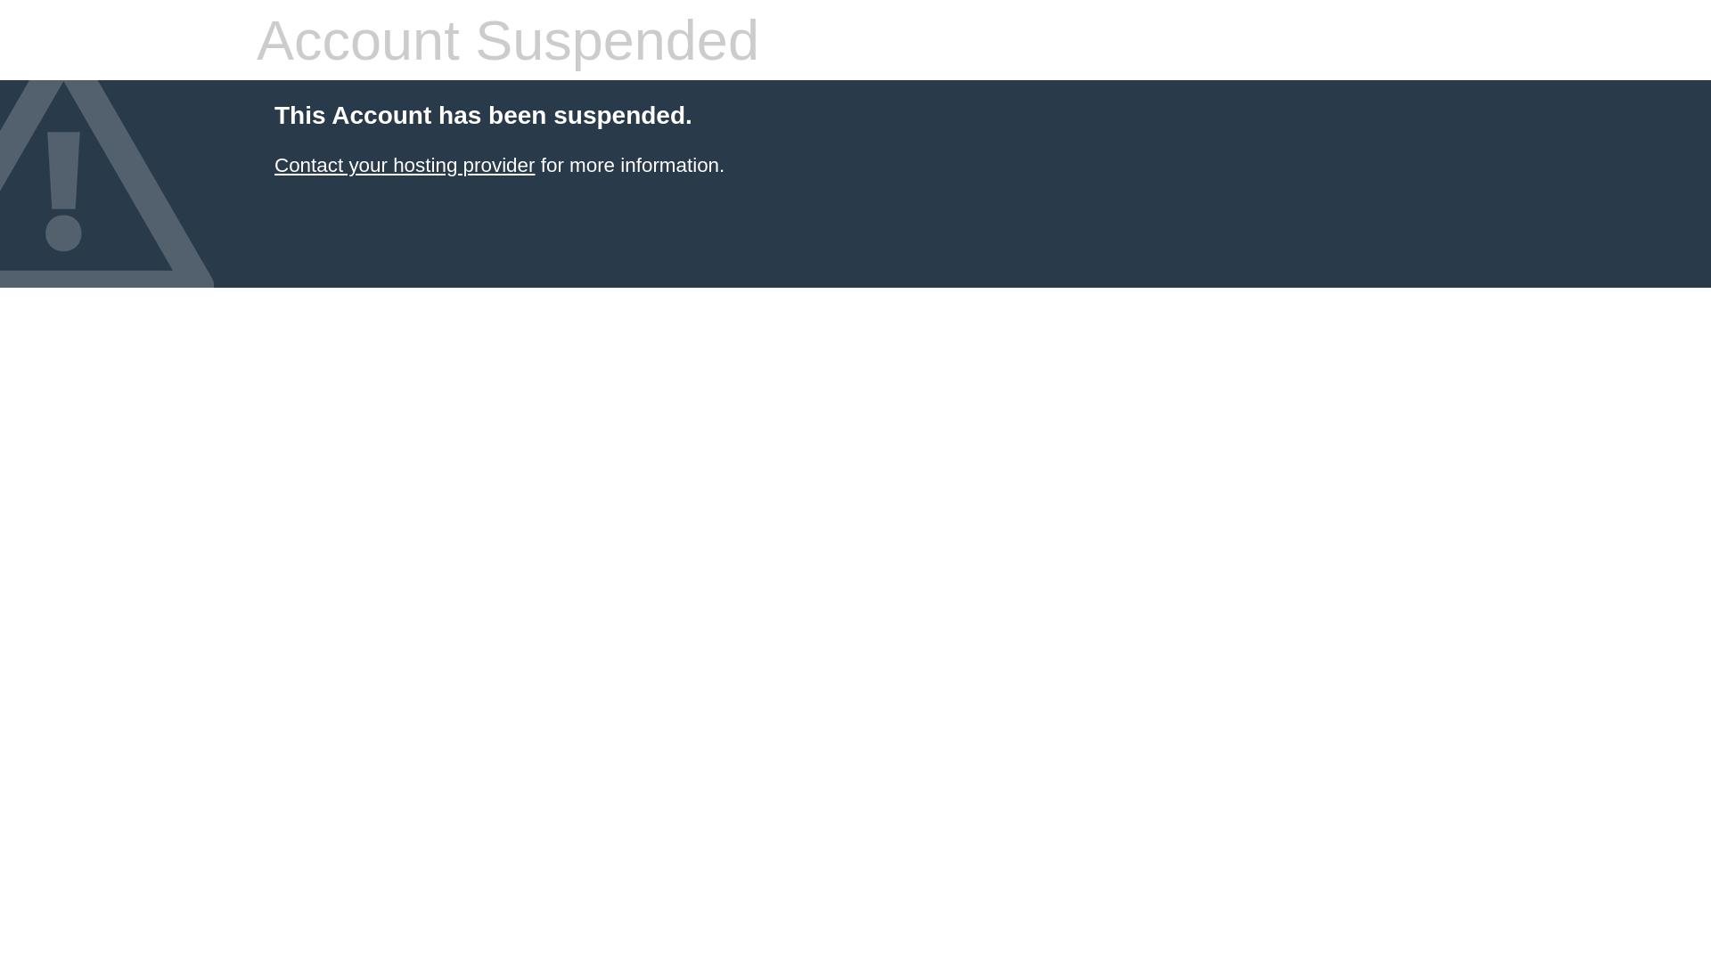 The image size is (1711, 962). Describe the element at coordinates (404, 165) in the screenshot. I see `'Contact your hosting provider'` at that location.